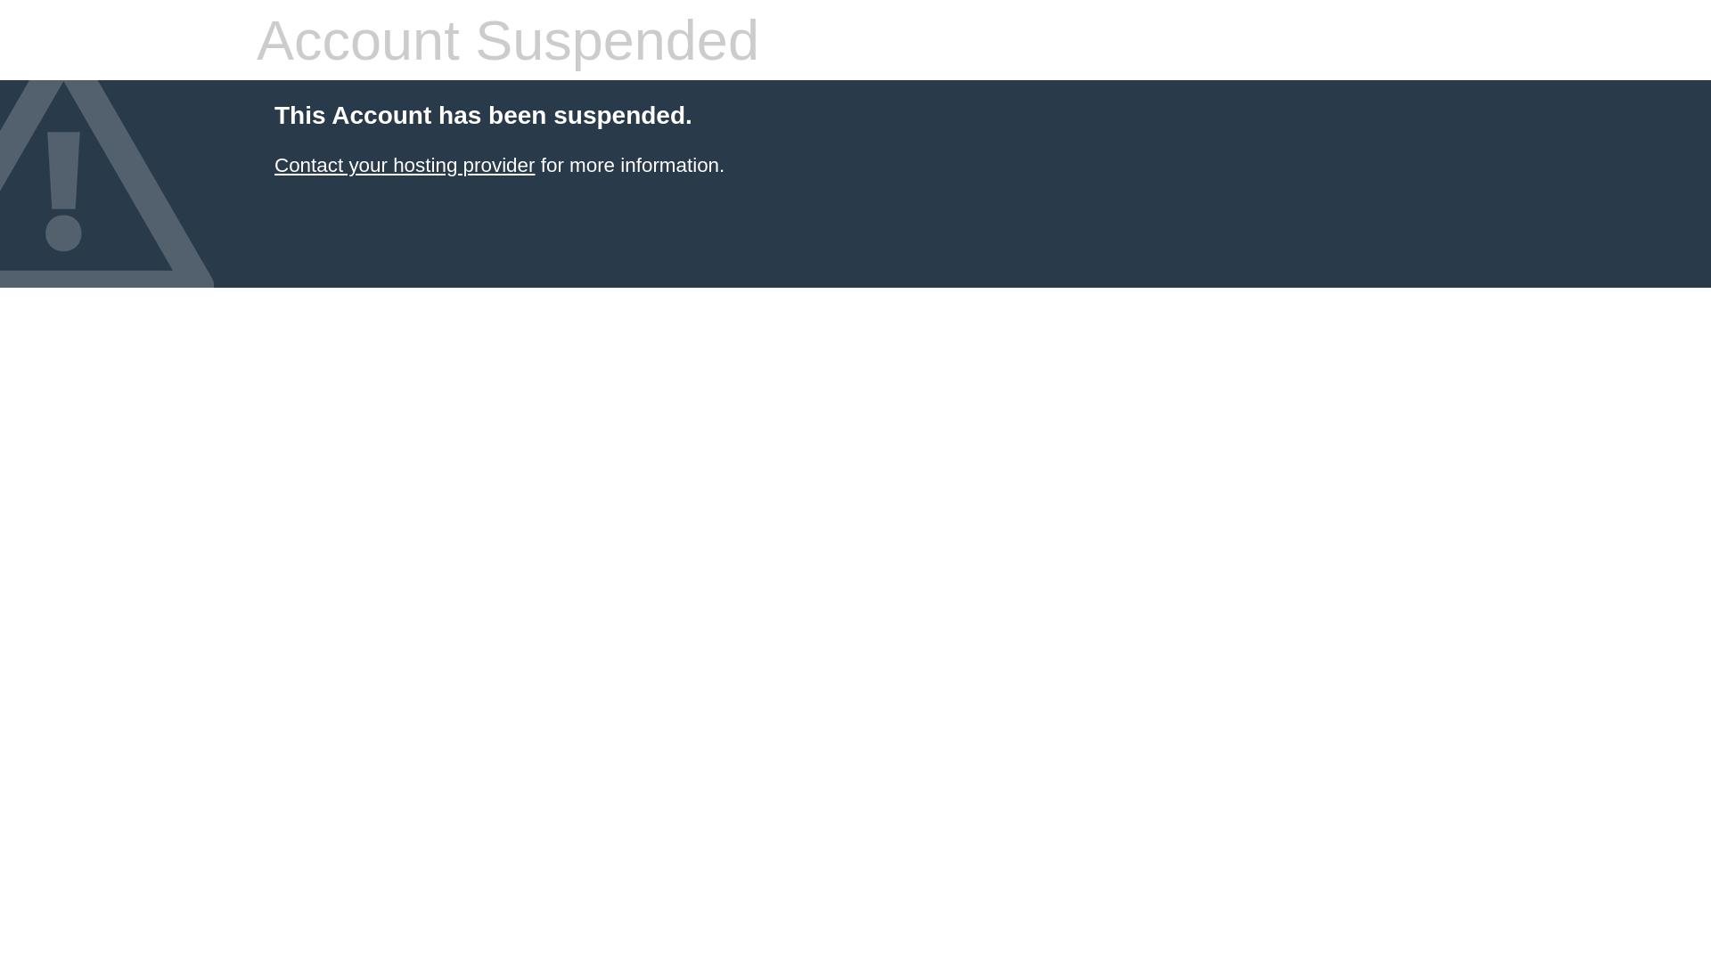 The image size is (1711, 962). Describe the element at coordinates (404, 165) in the screenshot. I see `'Contact your hosting provider'` at that location.